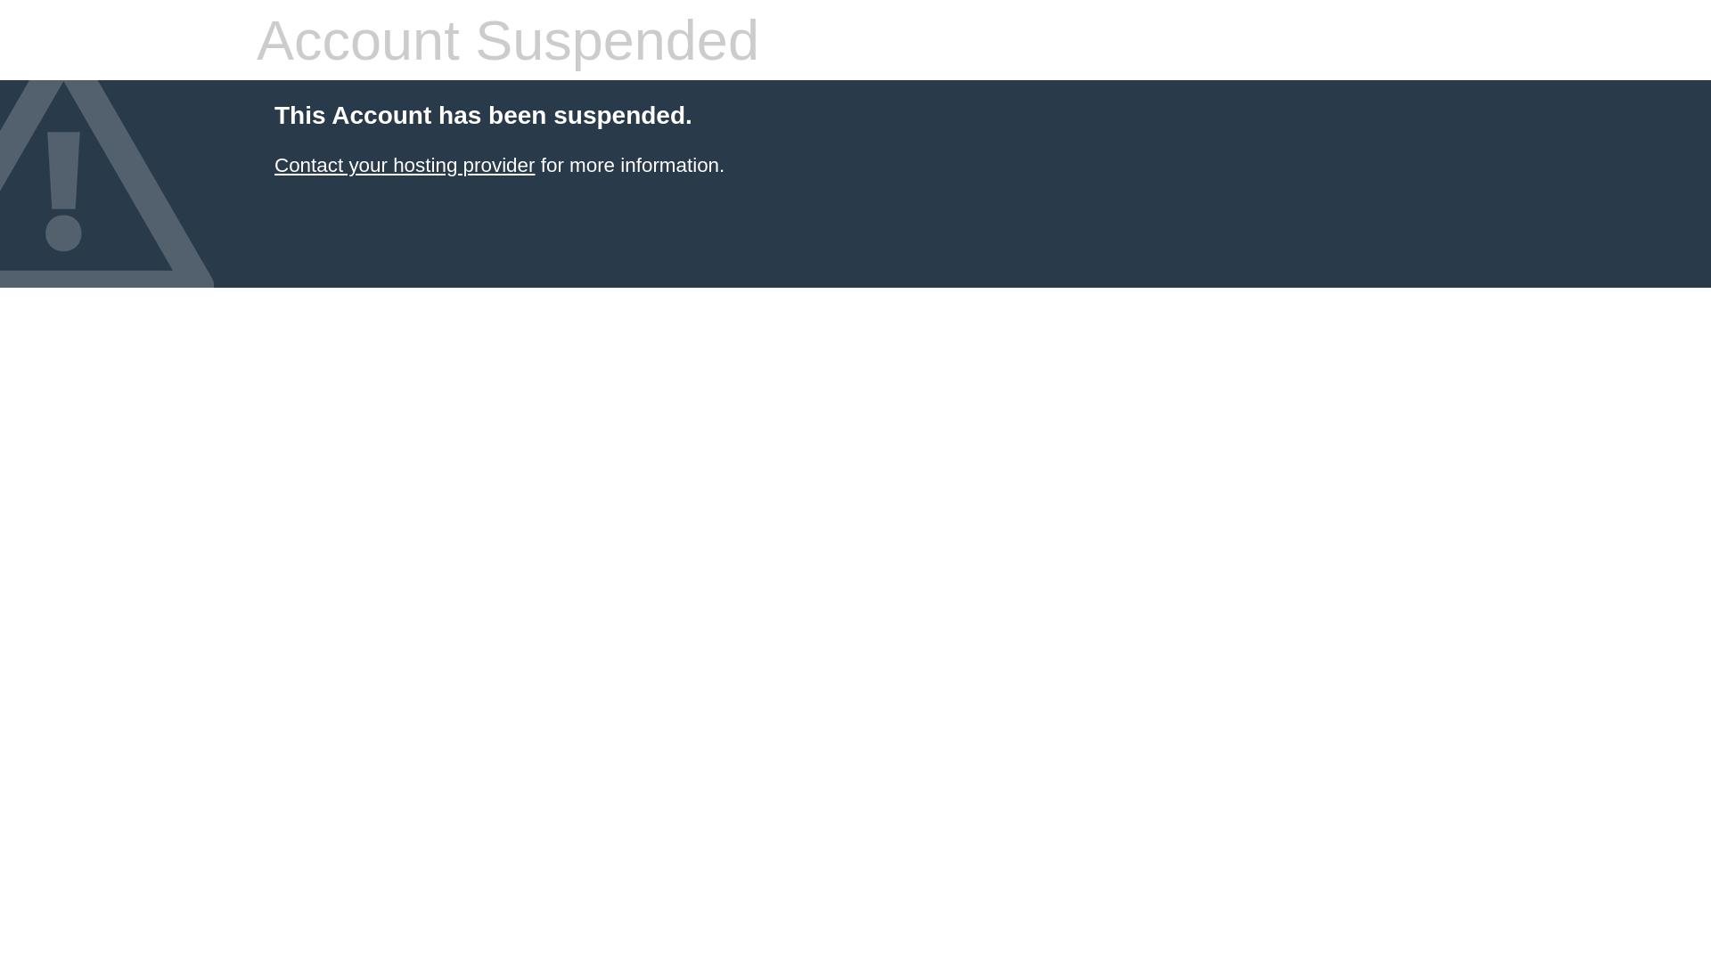 The image size is (1711, 962). Describe the element at coordinates (404, 165) in the screenshot. I see `'Contact your hosting provider'` at that location.